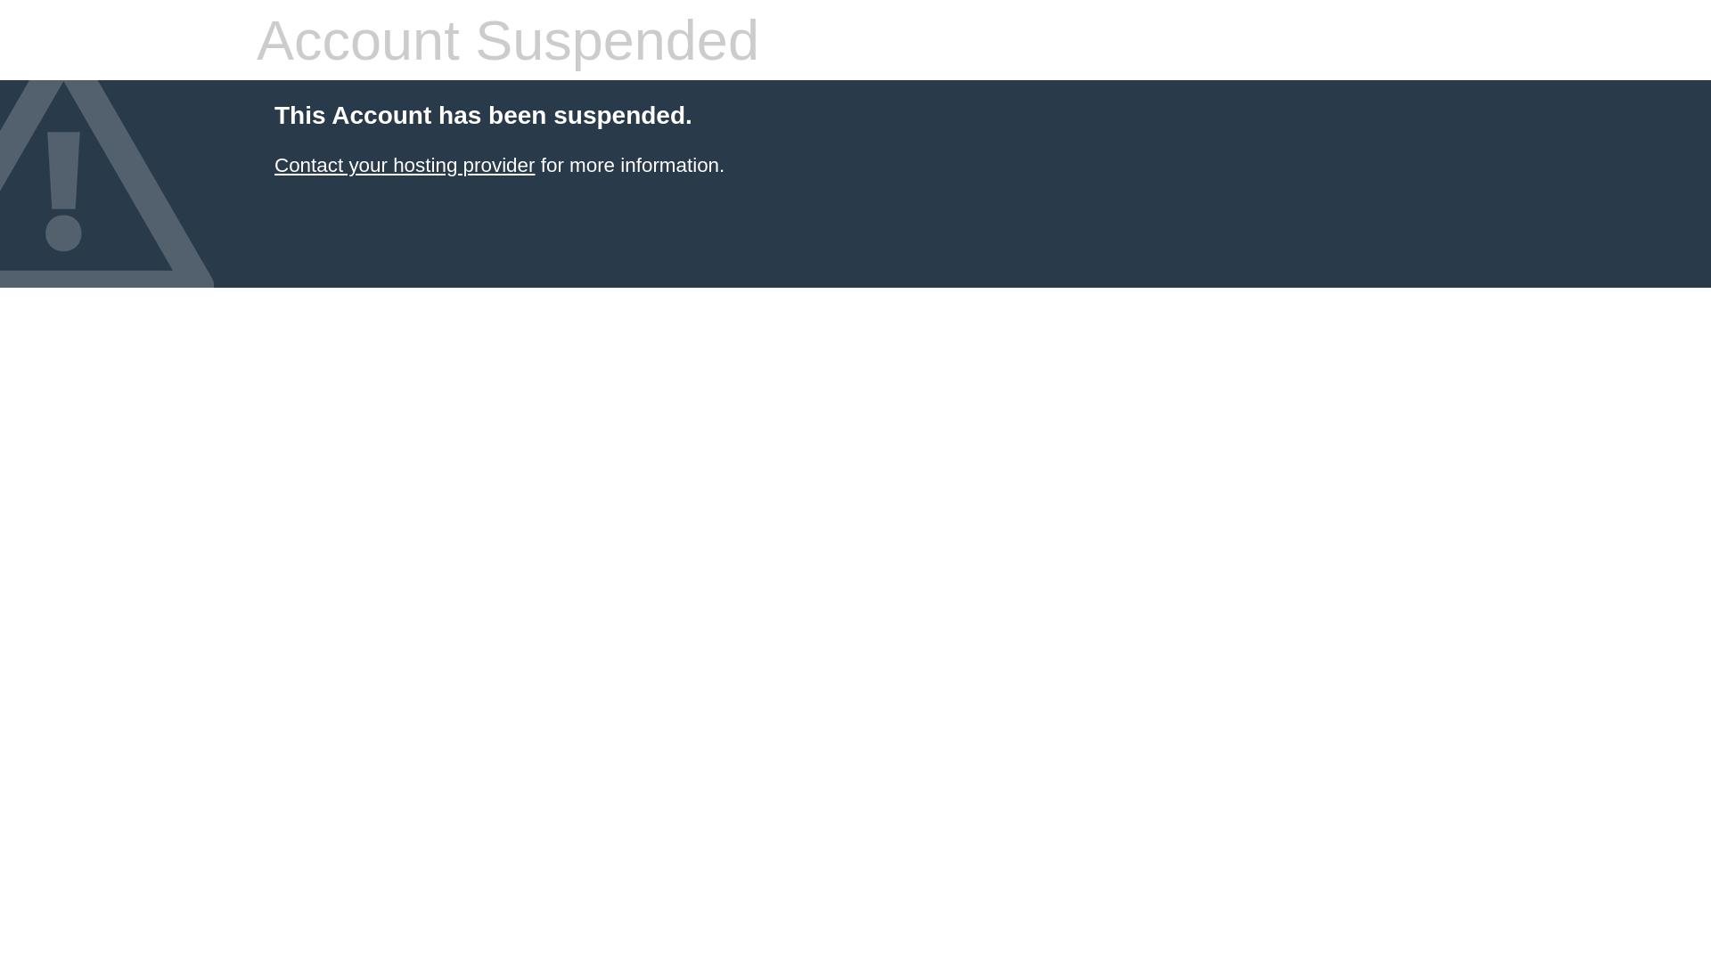 The image size is (1711, 962). Describe the element at coordinates (404, 165) in the screenshot. I see `'Contact your hosting provider'` at that location.